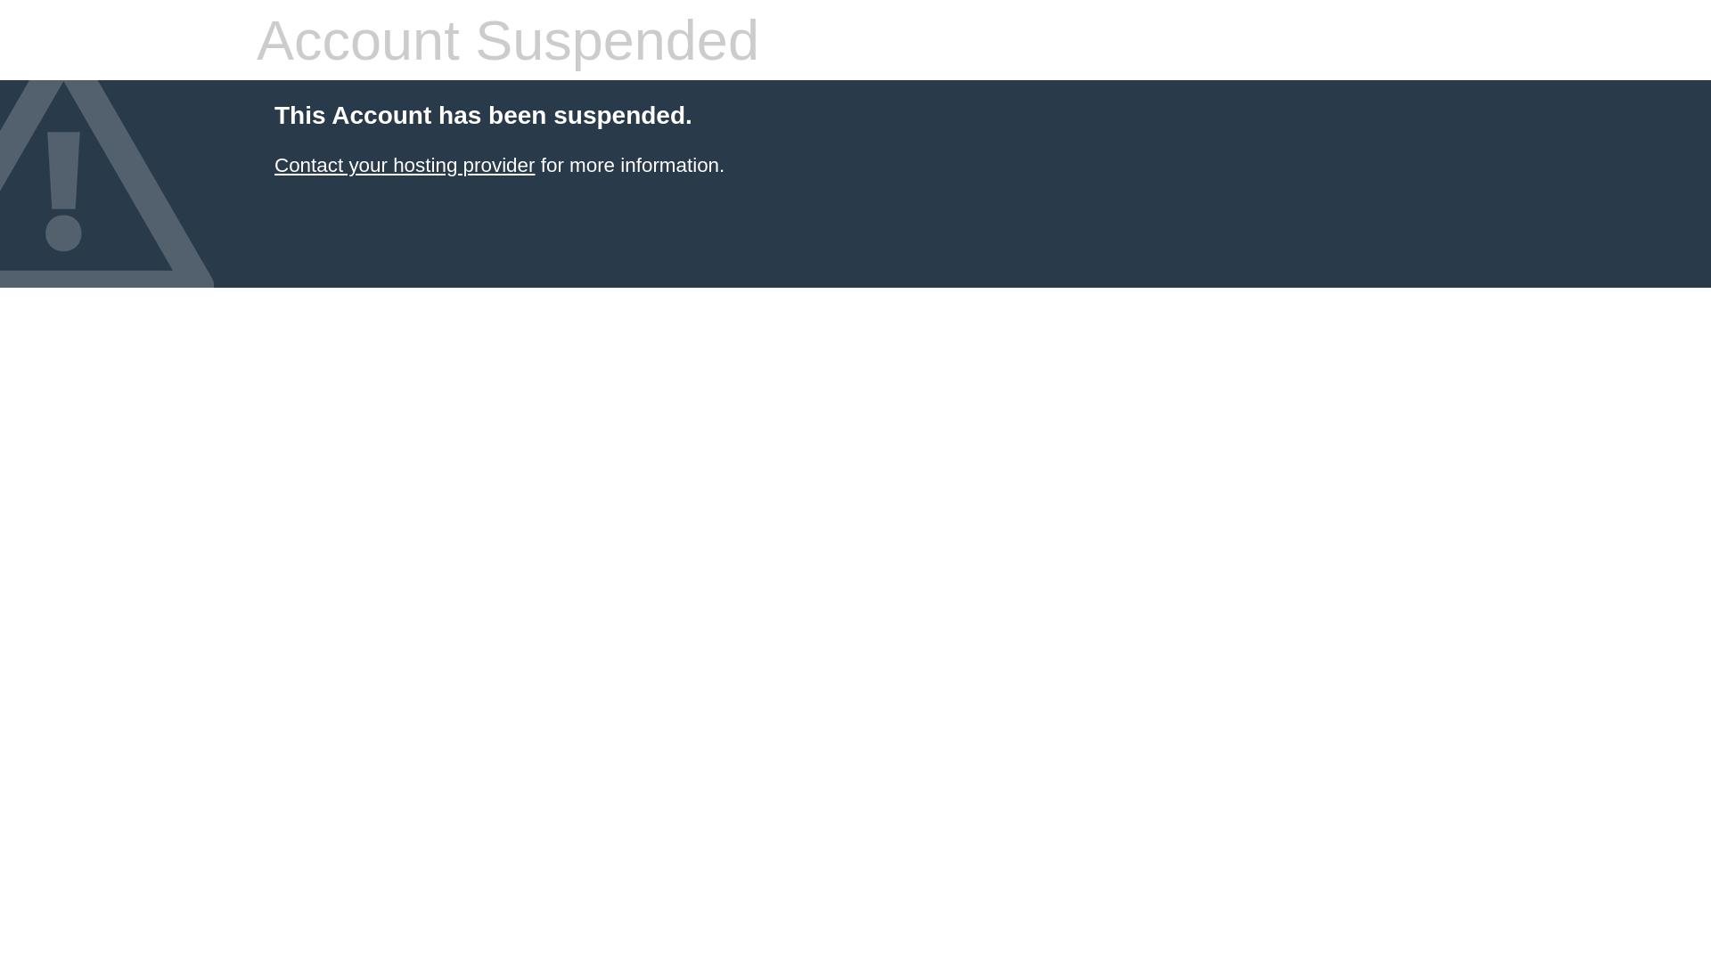 The image size is (1711, 962). Describe the element at coordinates (404, 165) in the screenshot. I see `'Contact your hosting provider'` at that location.